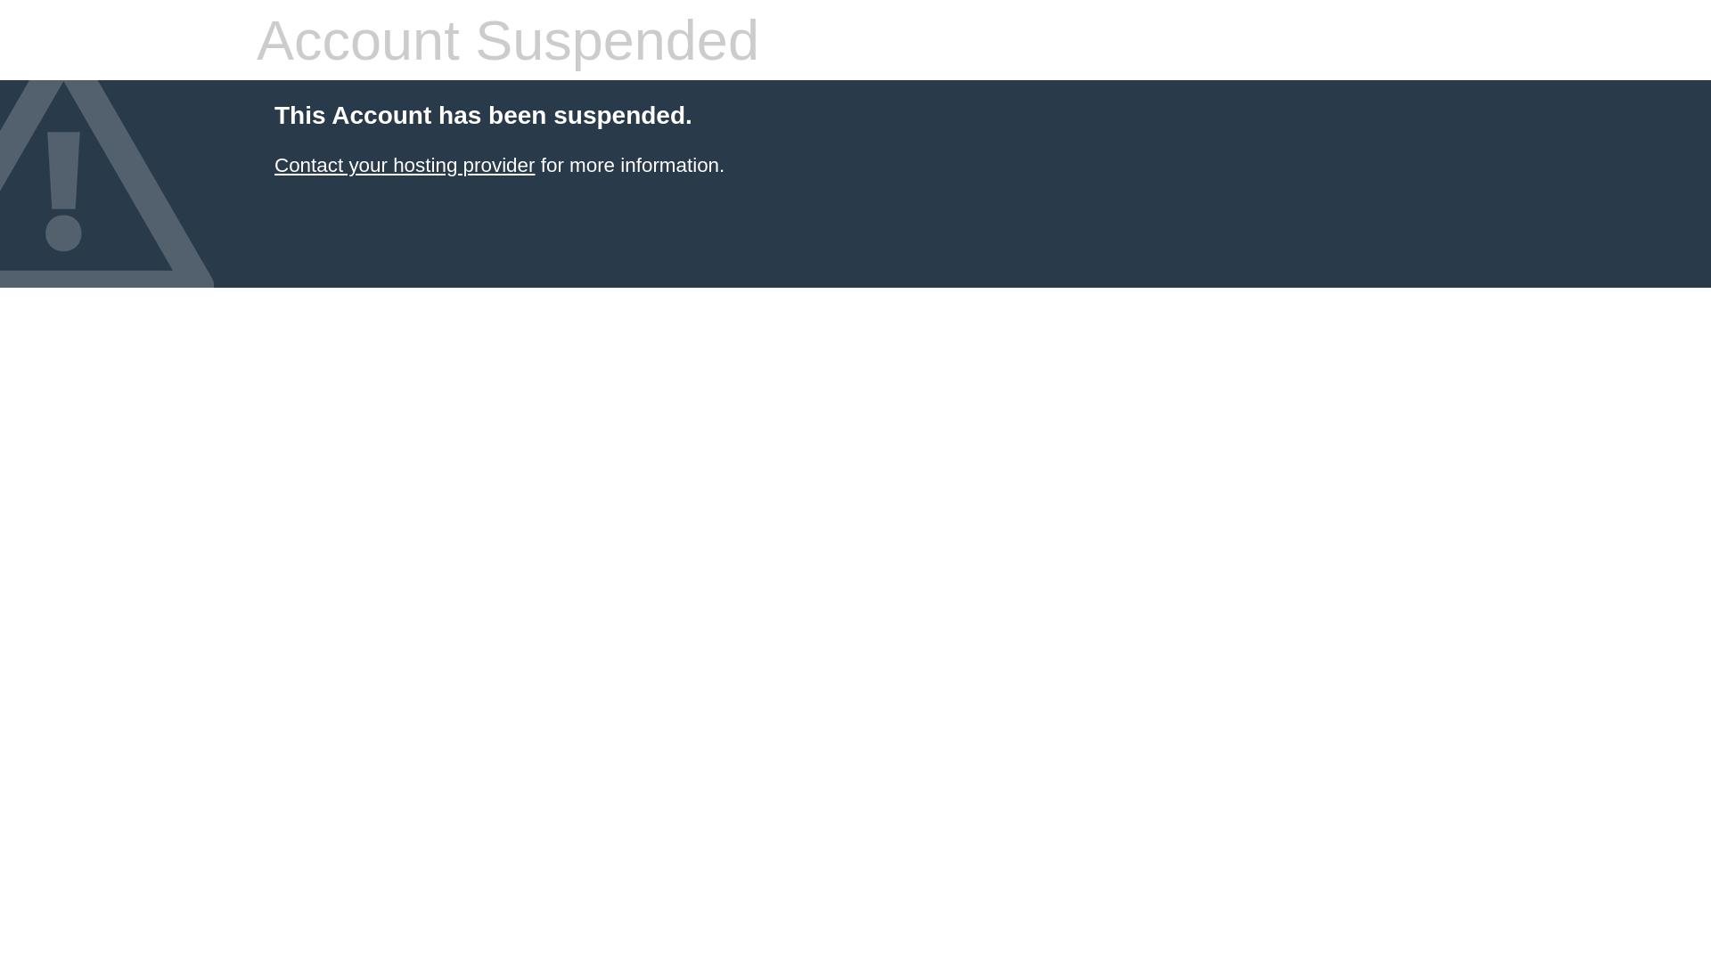 The image size is (1711, 962). Describe the element at coordinates (404, 165) in the screenshot. I see `'Contact your hosting provider'` at that location.